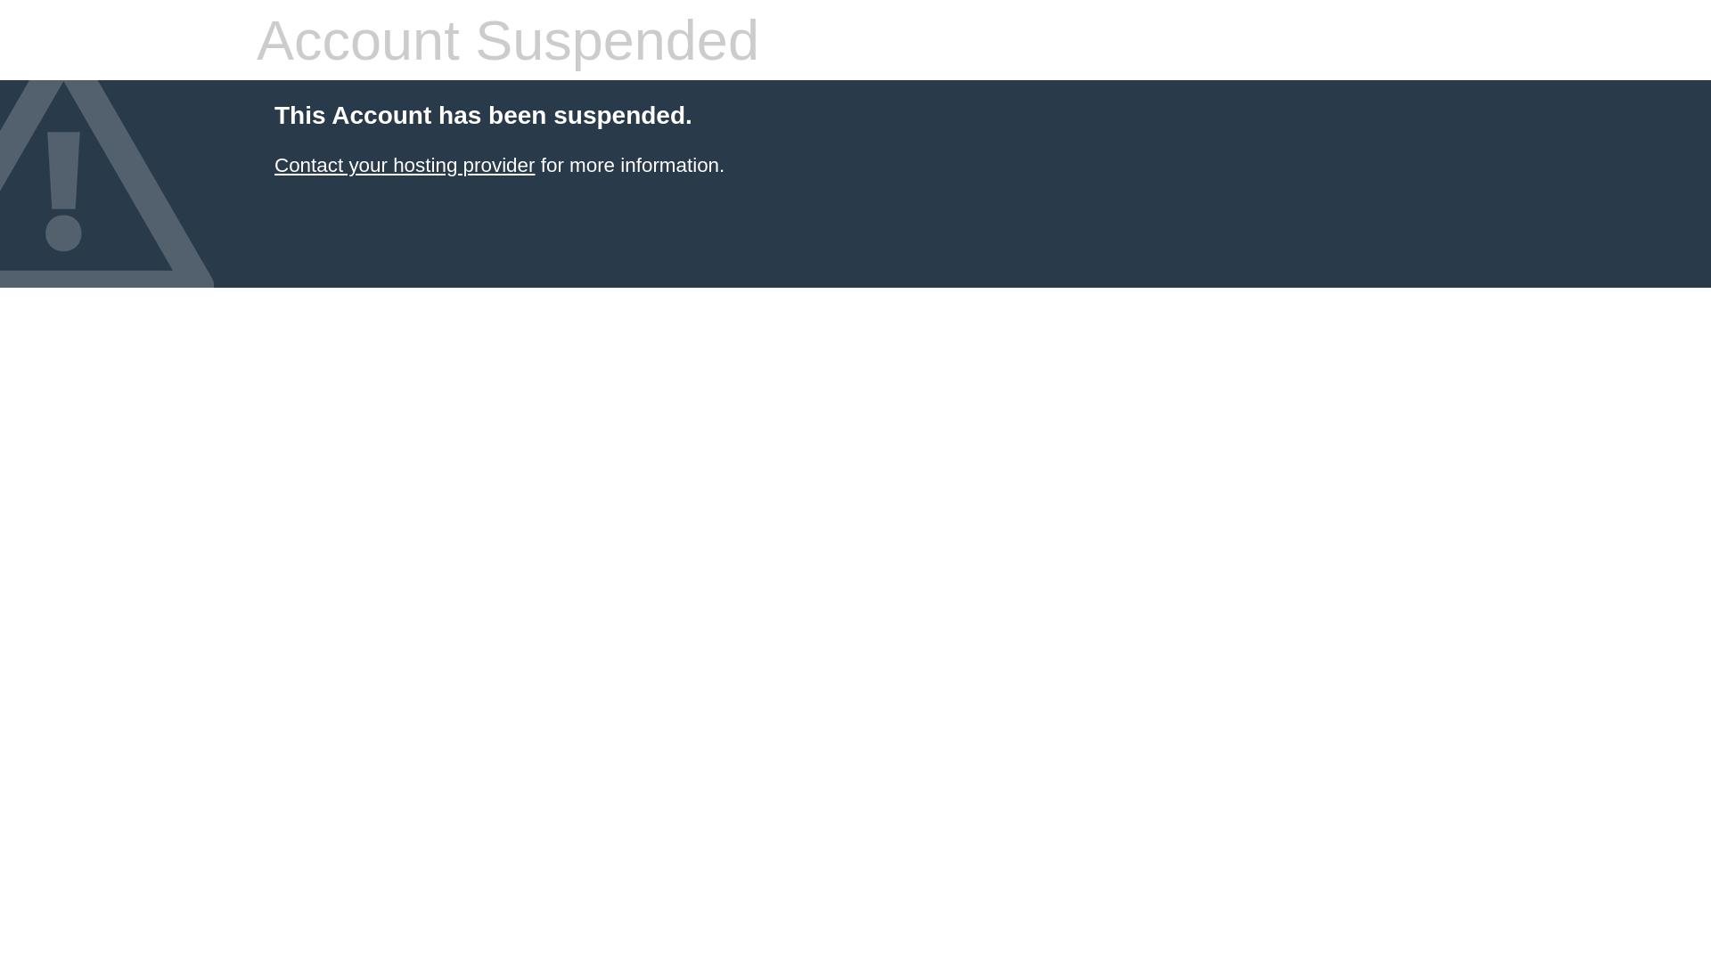 The image size is (1711, 962). Describe the element at coordinates (404, 165) in the screenshot. I see `'Contact your hosting provider'` at that location.